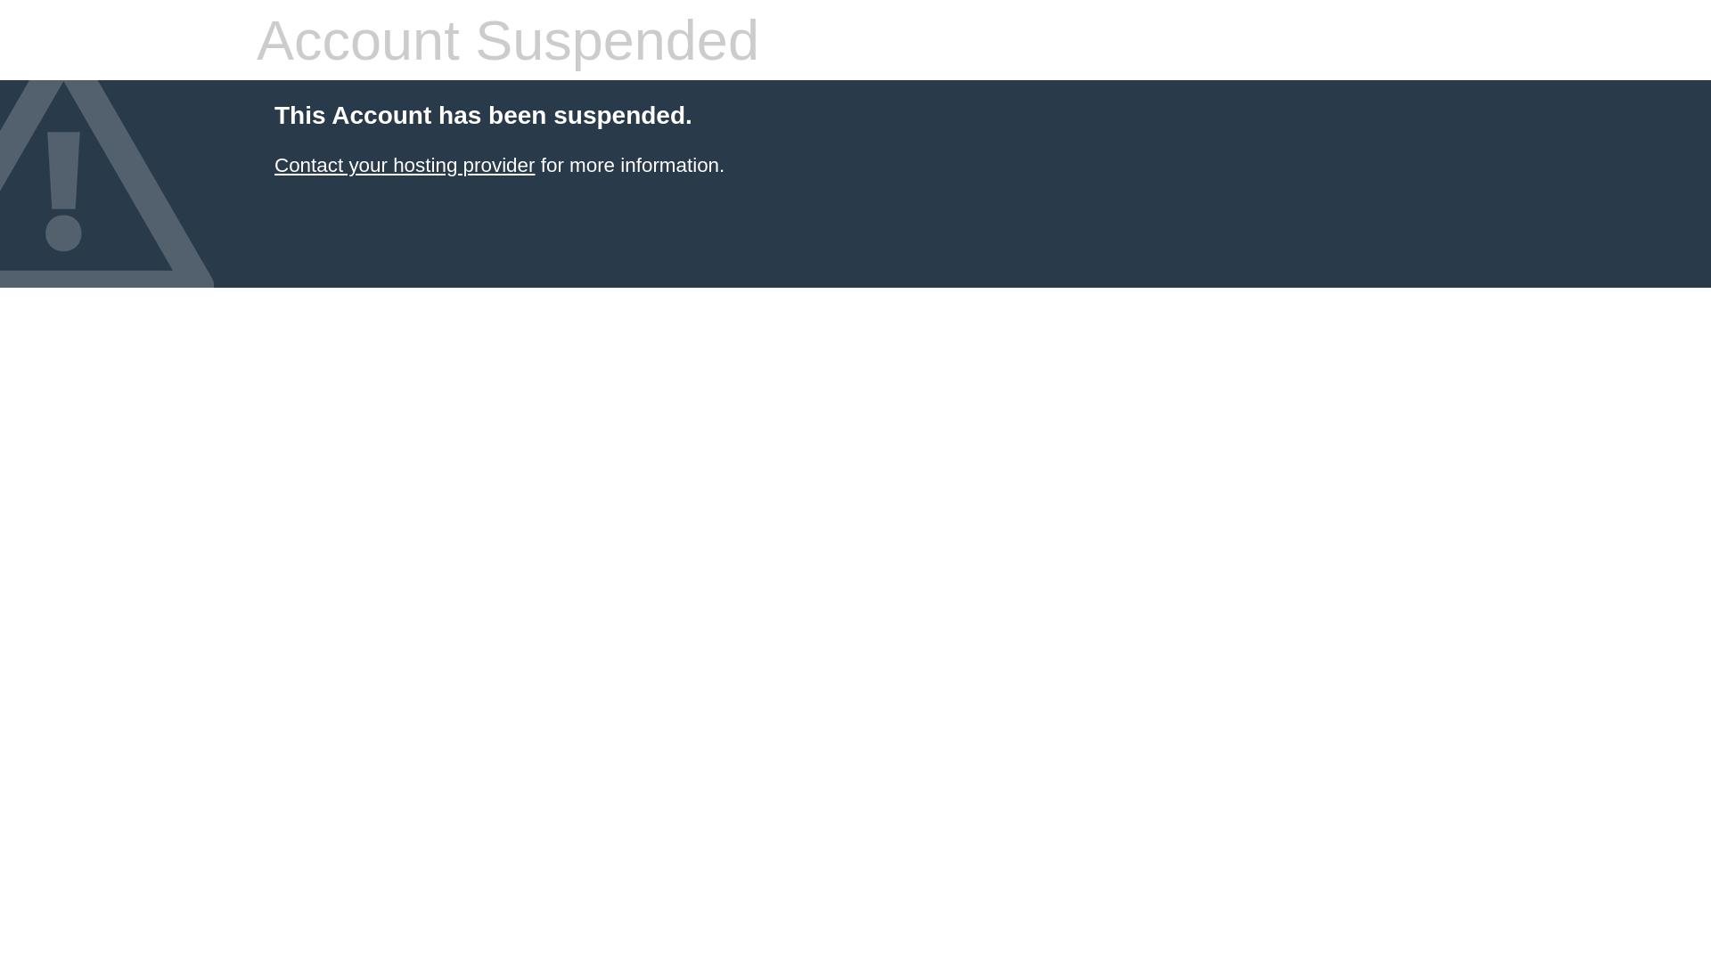 The image size is (1711, 962). Describe the element at coordinates (404, 165) in the screenshot. I see `'Contact your hosting provider'` at that location.